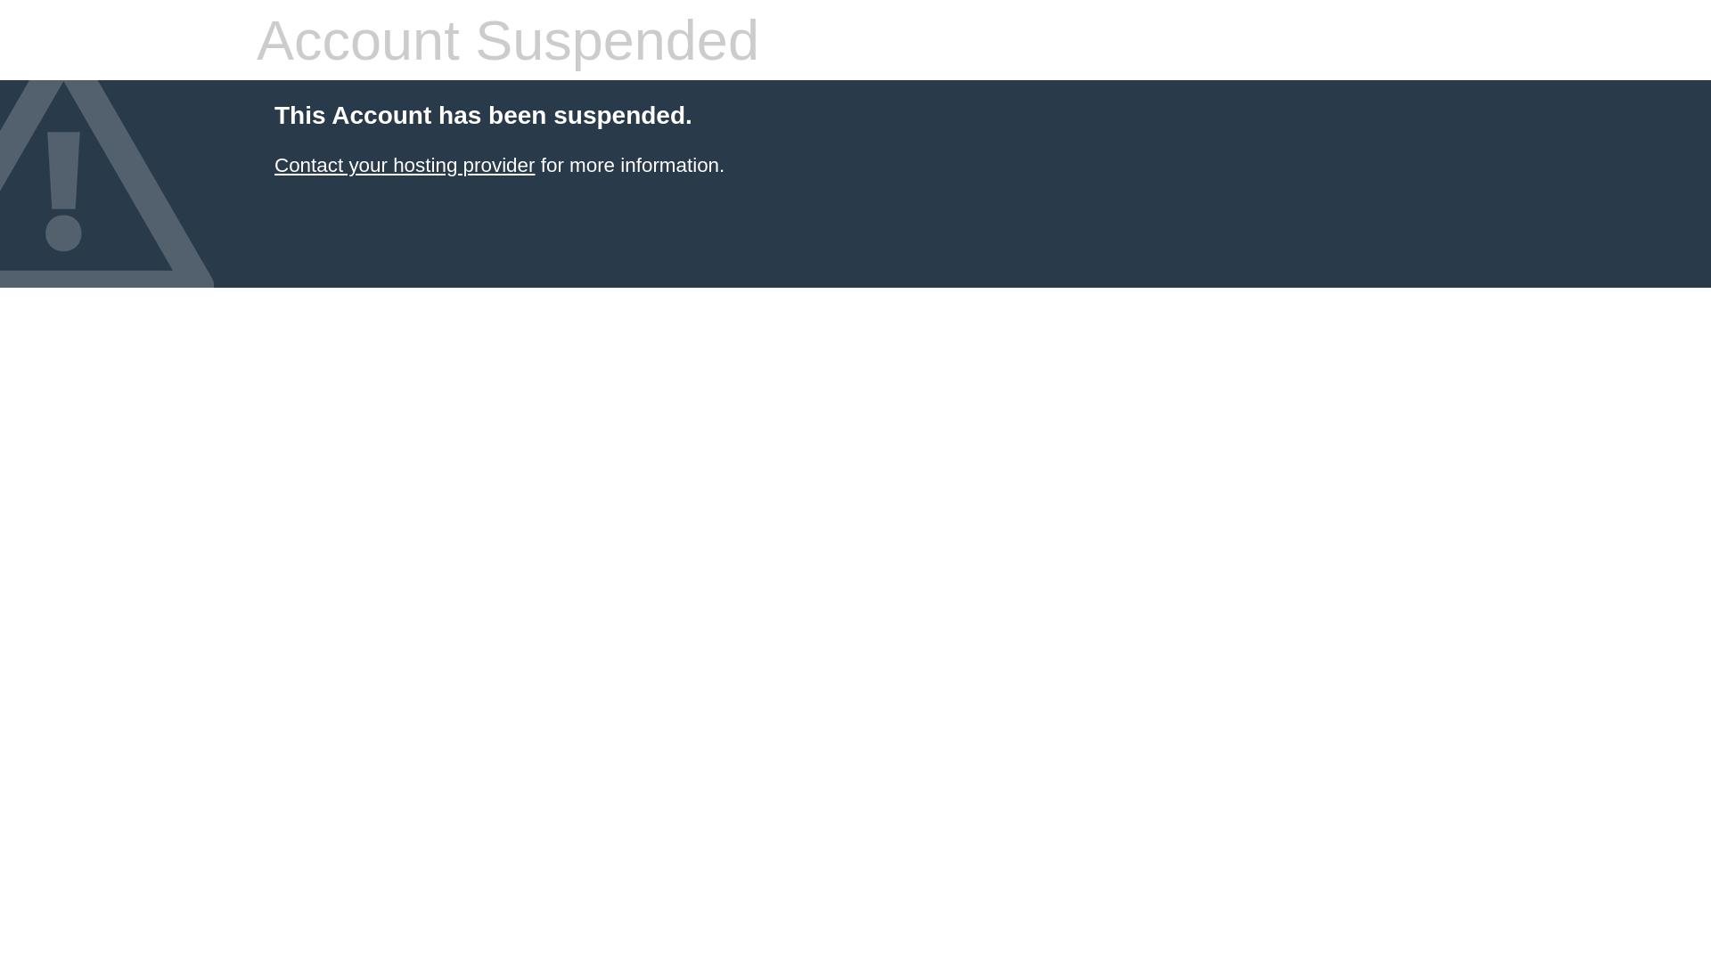 The image size is (1711, 962). Describe the element at coordinates (404, 165) in the screenshot. I see `'Contact your hosting provider'` at that location.